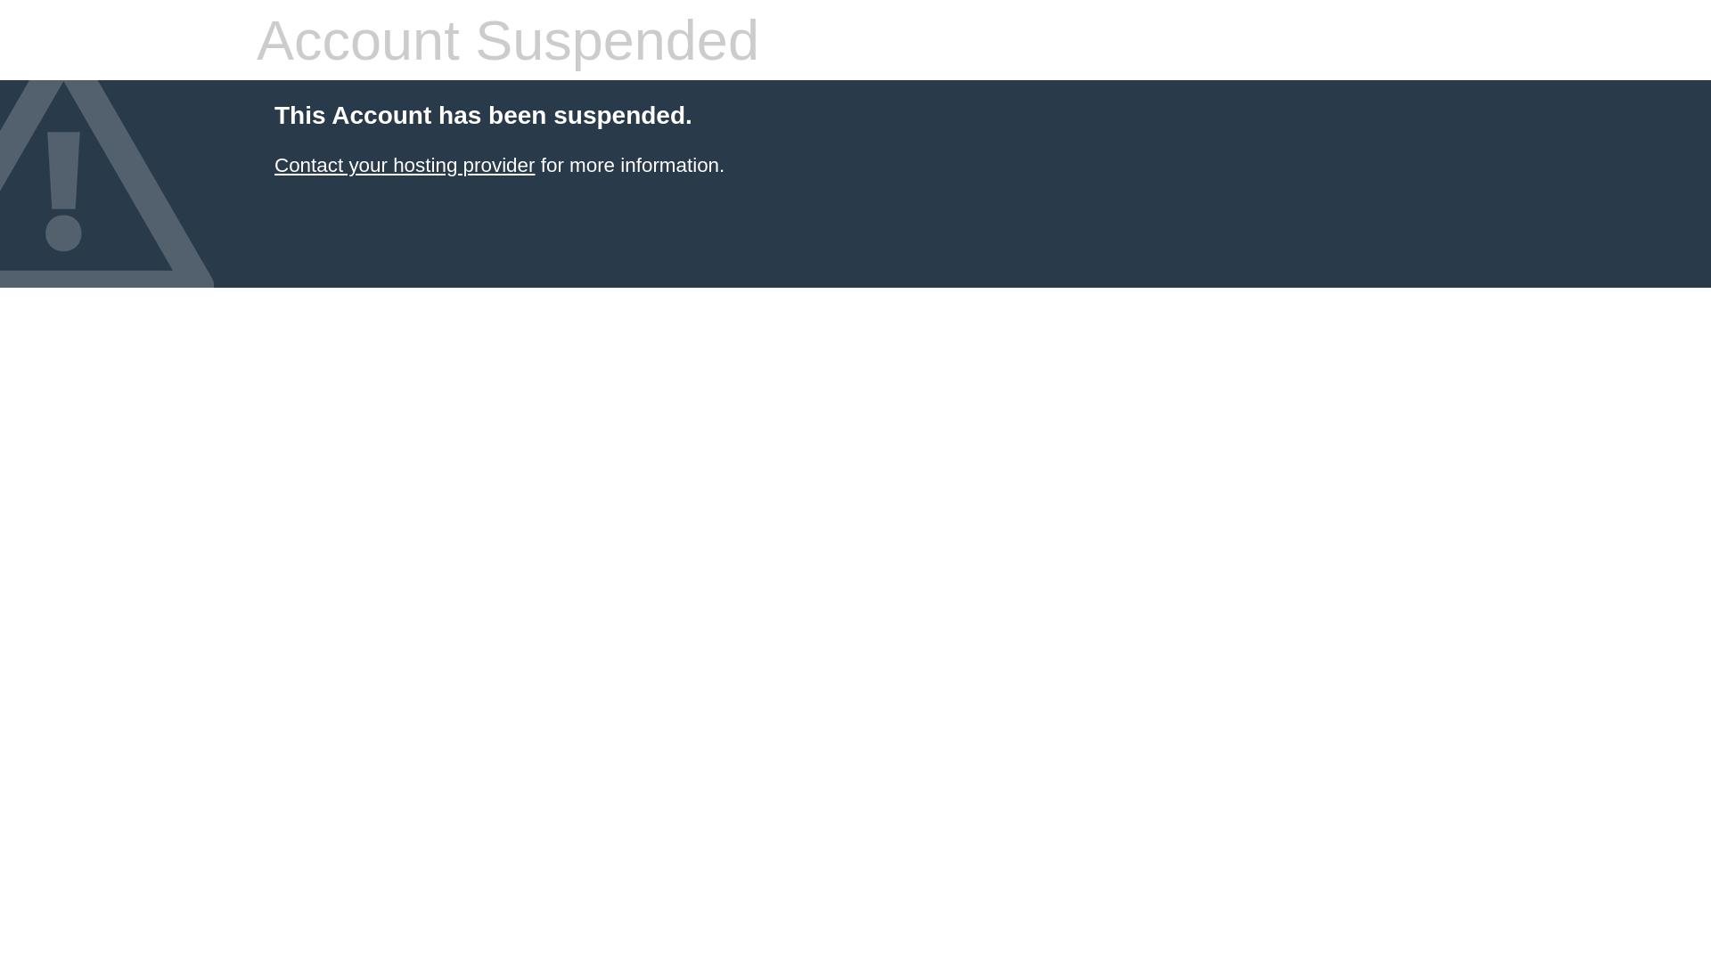 The image size is (1711, 962). Describe the element at coordinates (404, 165) in the screenshot. I see `'Contact your hosting provider'` at that location.